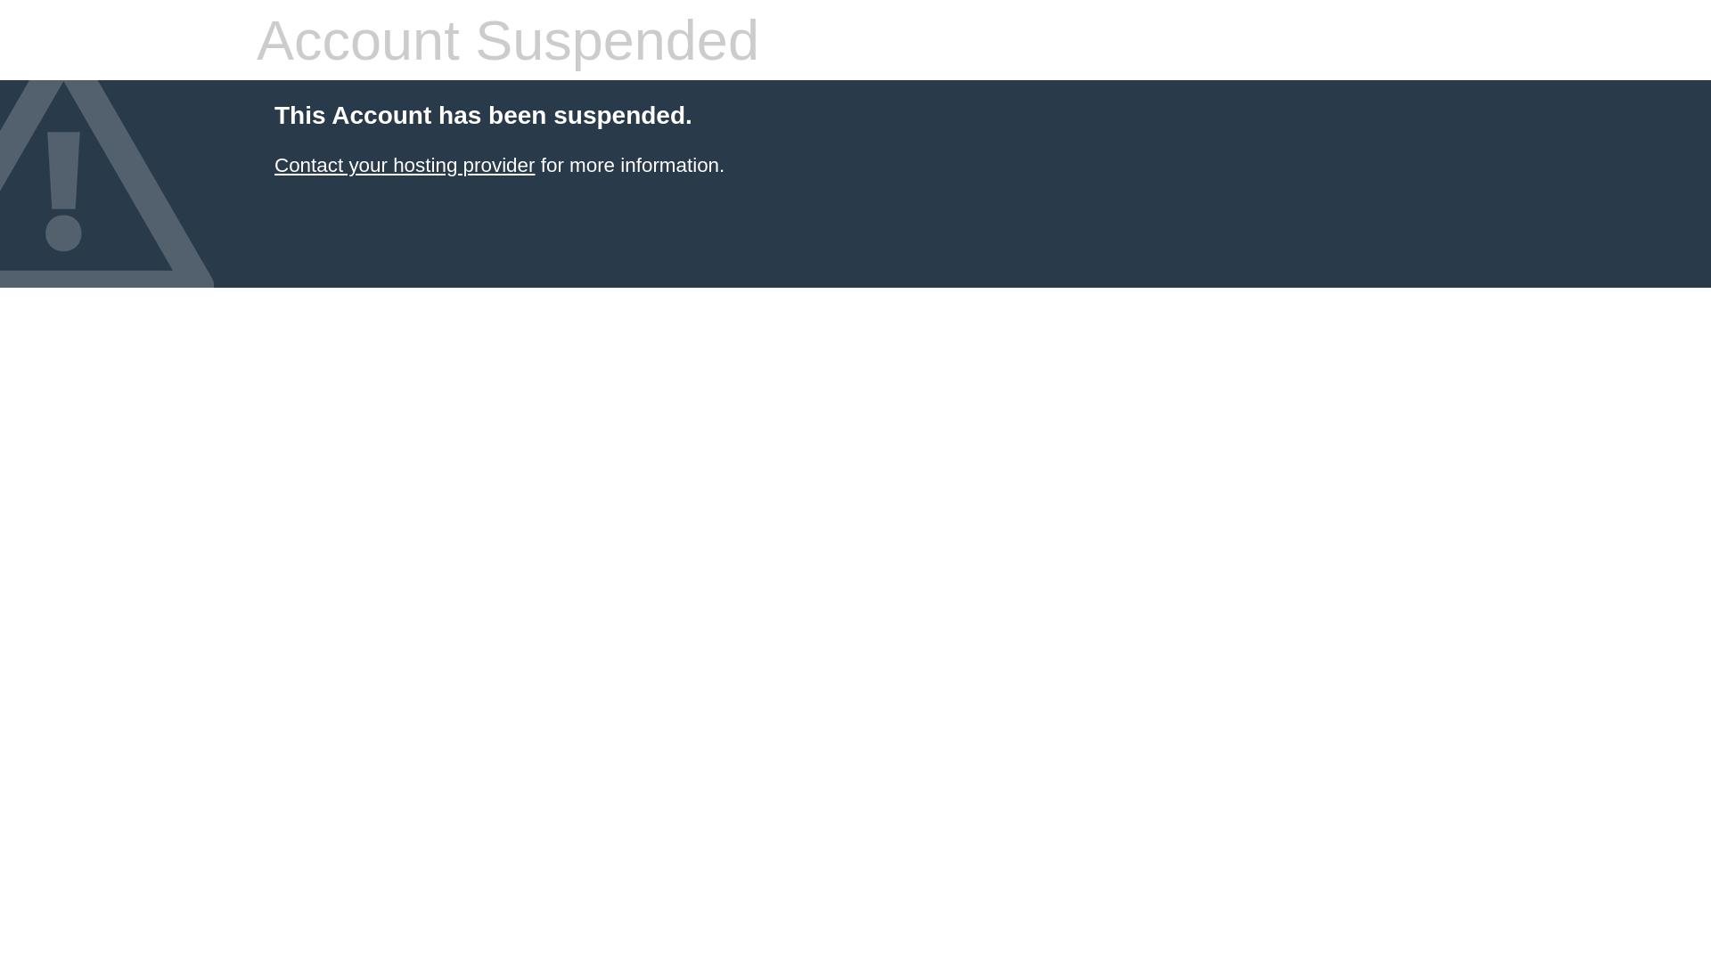 The image size is (1711, 962). Describe the element at coordinates (404, 165) in the screenshot. I see `'Contact your hosting provider'` at that location.